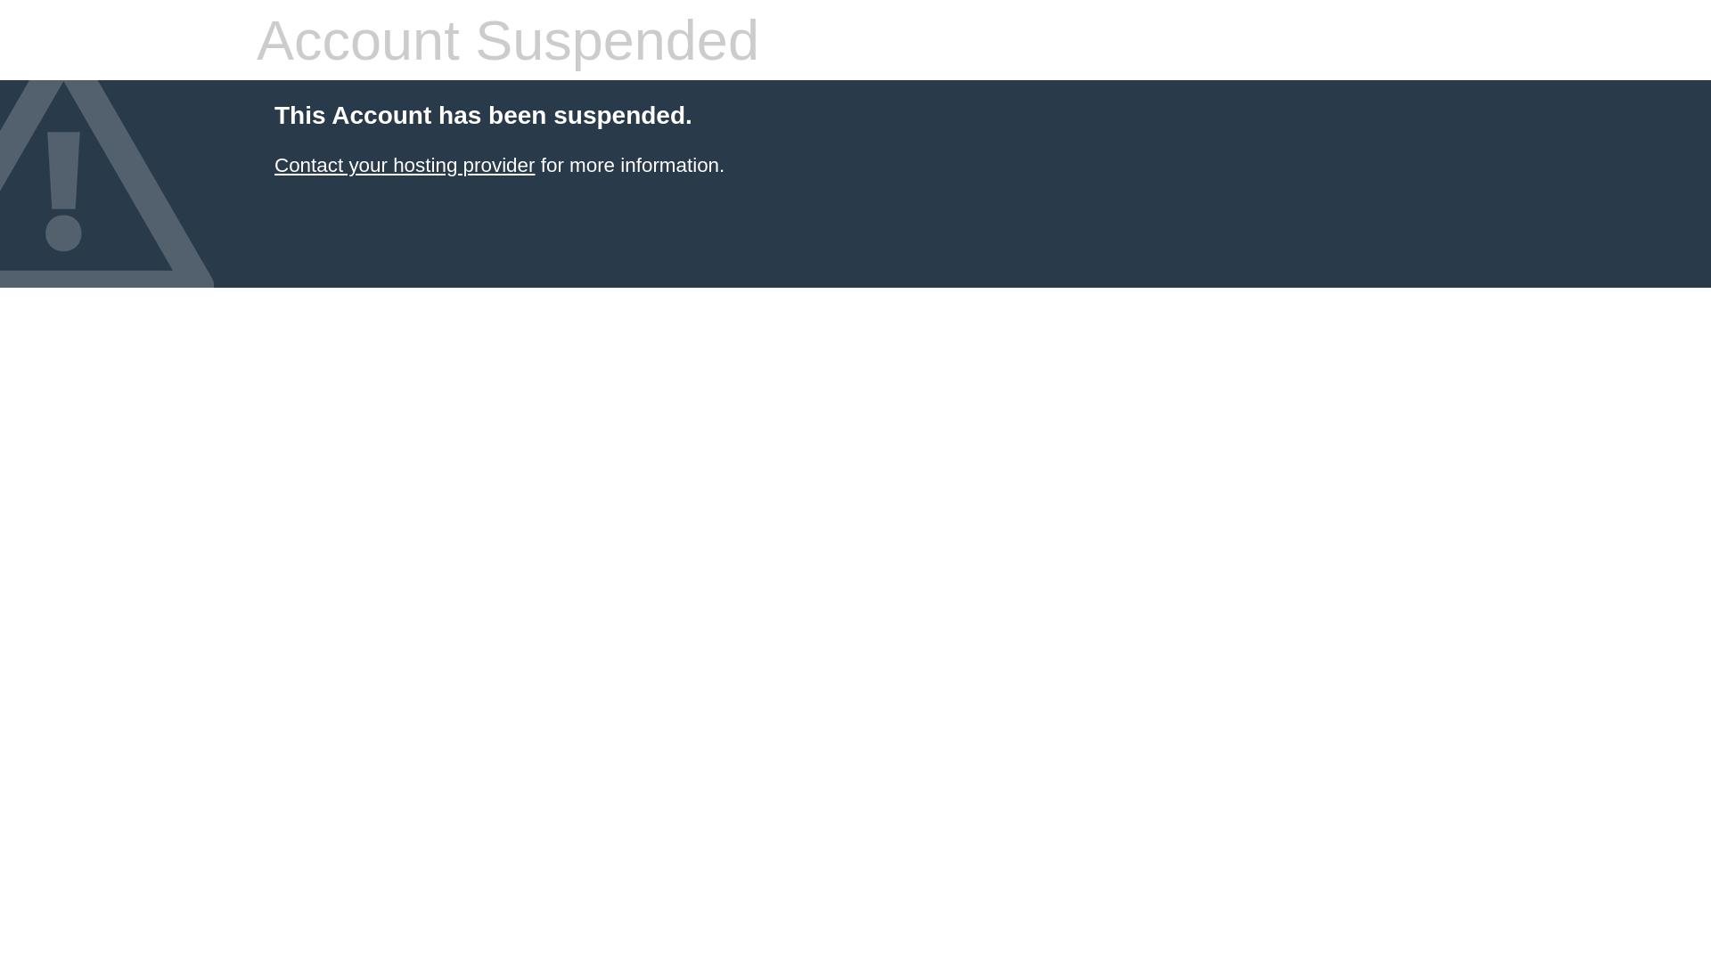 The image size is (1711, 962). Describe the element at coordinates (404, 165) in the screenshot. I see `'Contact your hosting provider'` at that location.